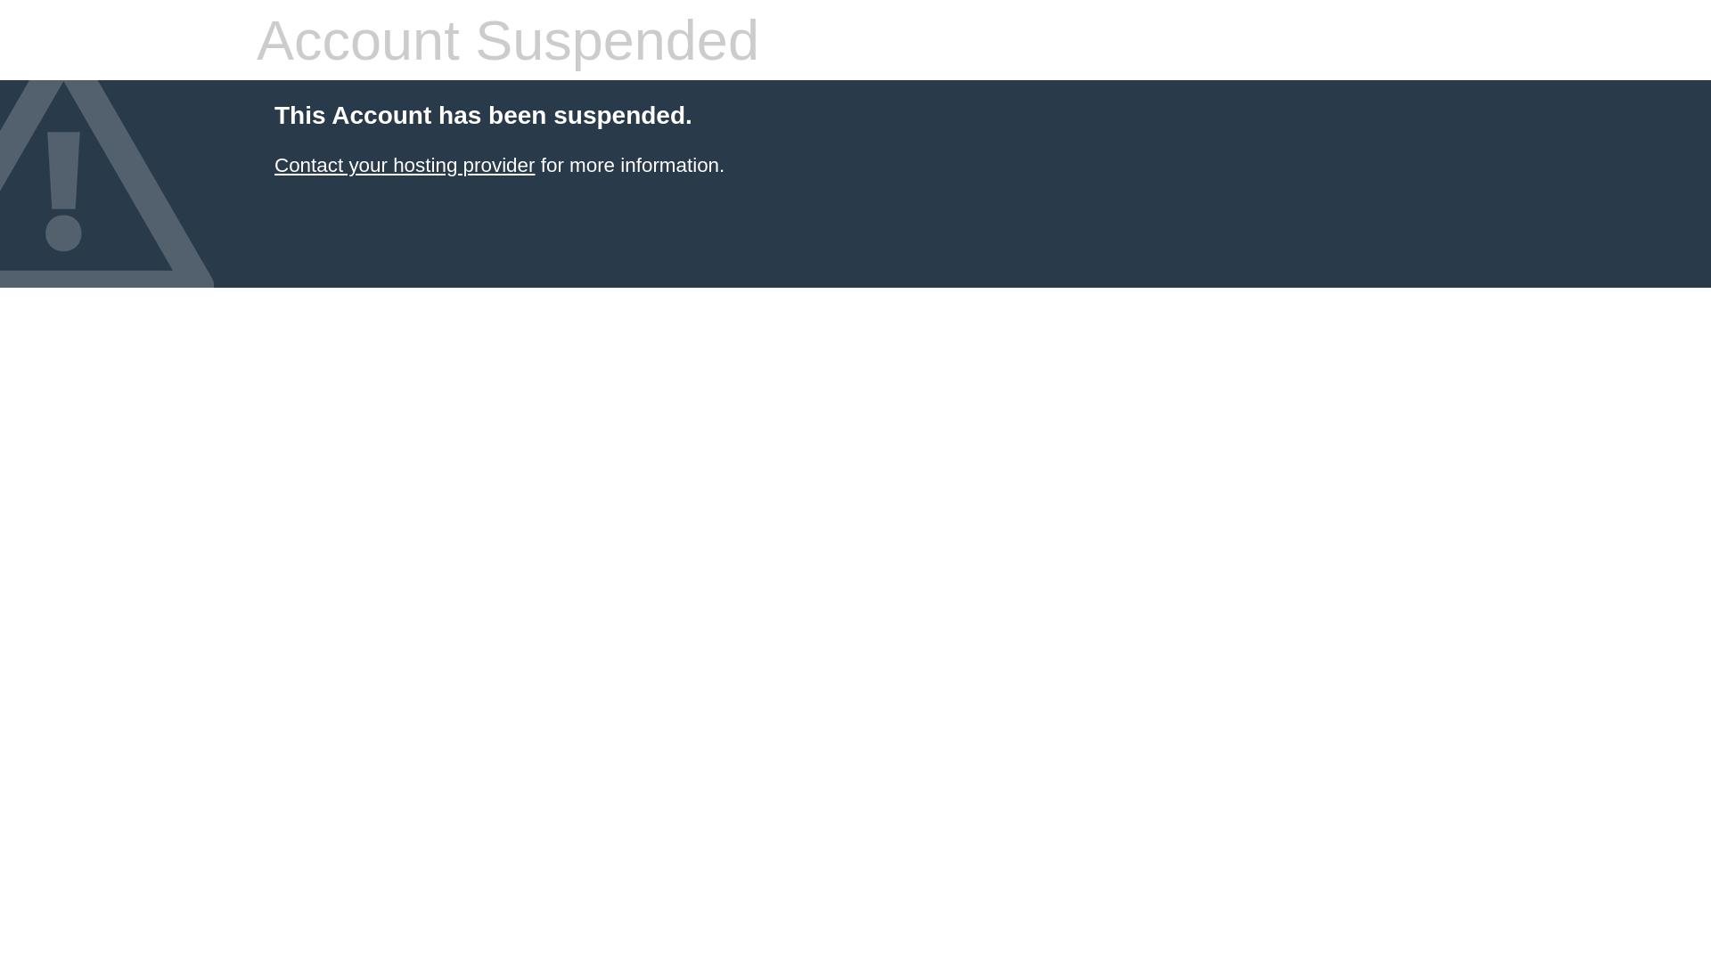 The image size is (1711, 962). Describe the element at coordinates (404, 165) in the screenshot. I see `'Contact your hosting provider'` at that location.